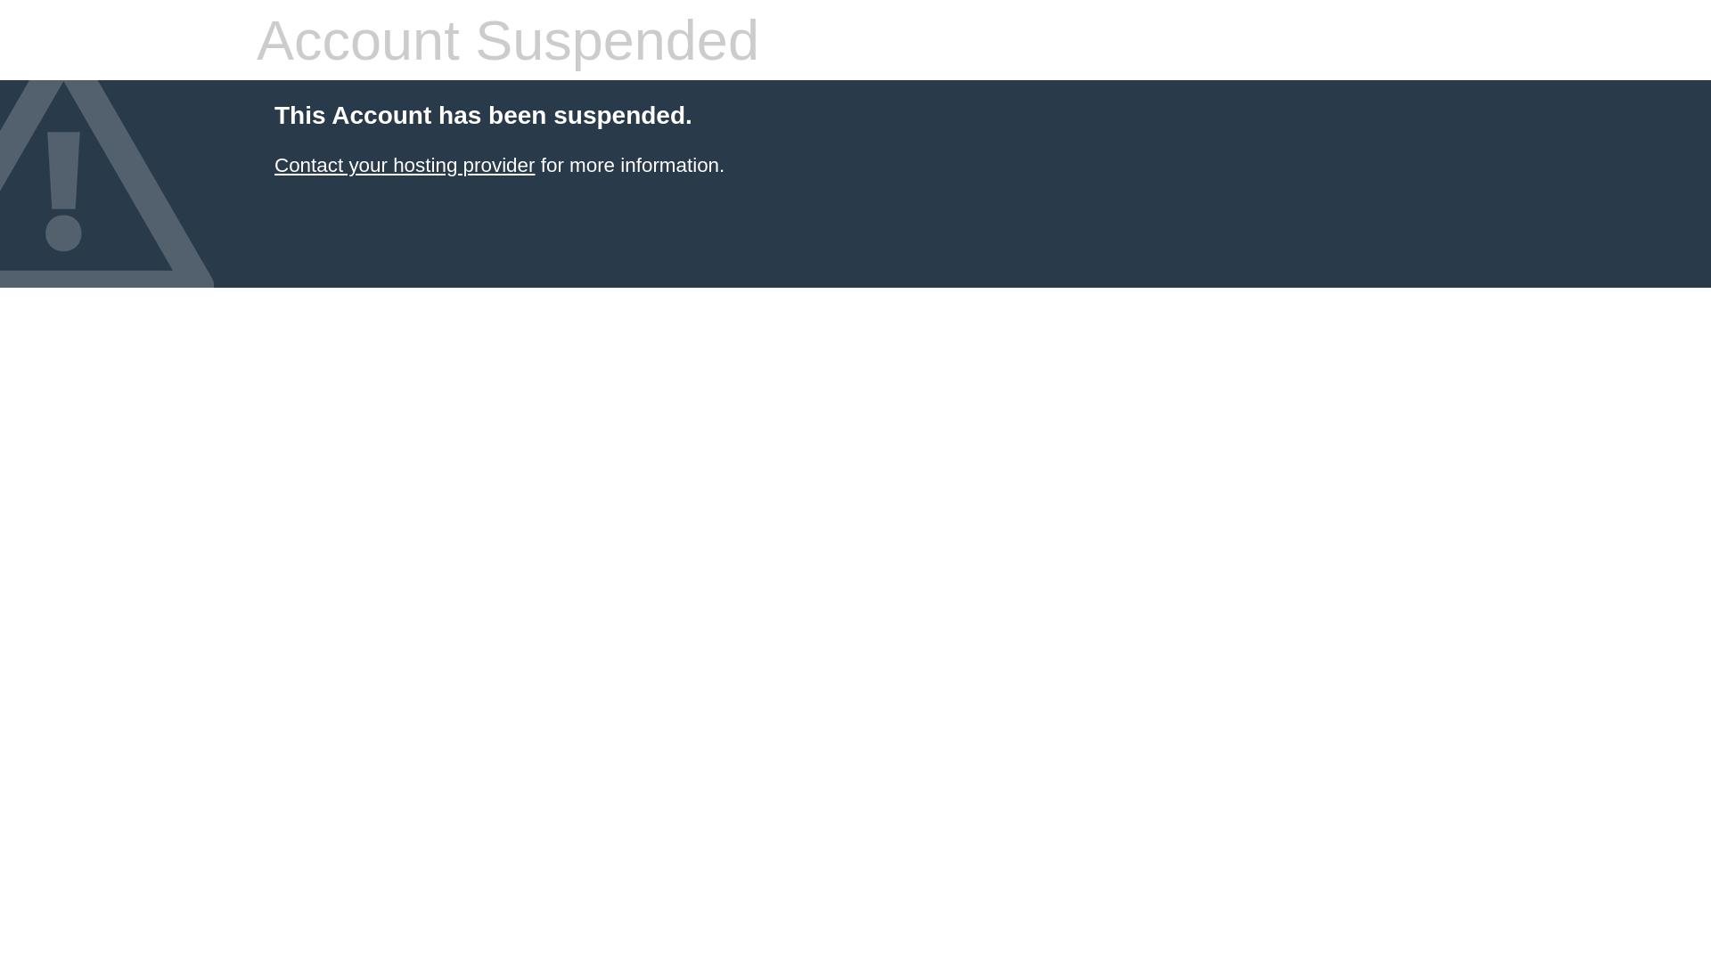 The image size is (1711, 962). Describe the element at coordinates (404, 165) in the screenshot. I see `'Contact your hosting provider'` at that location.